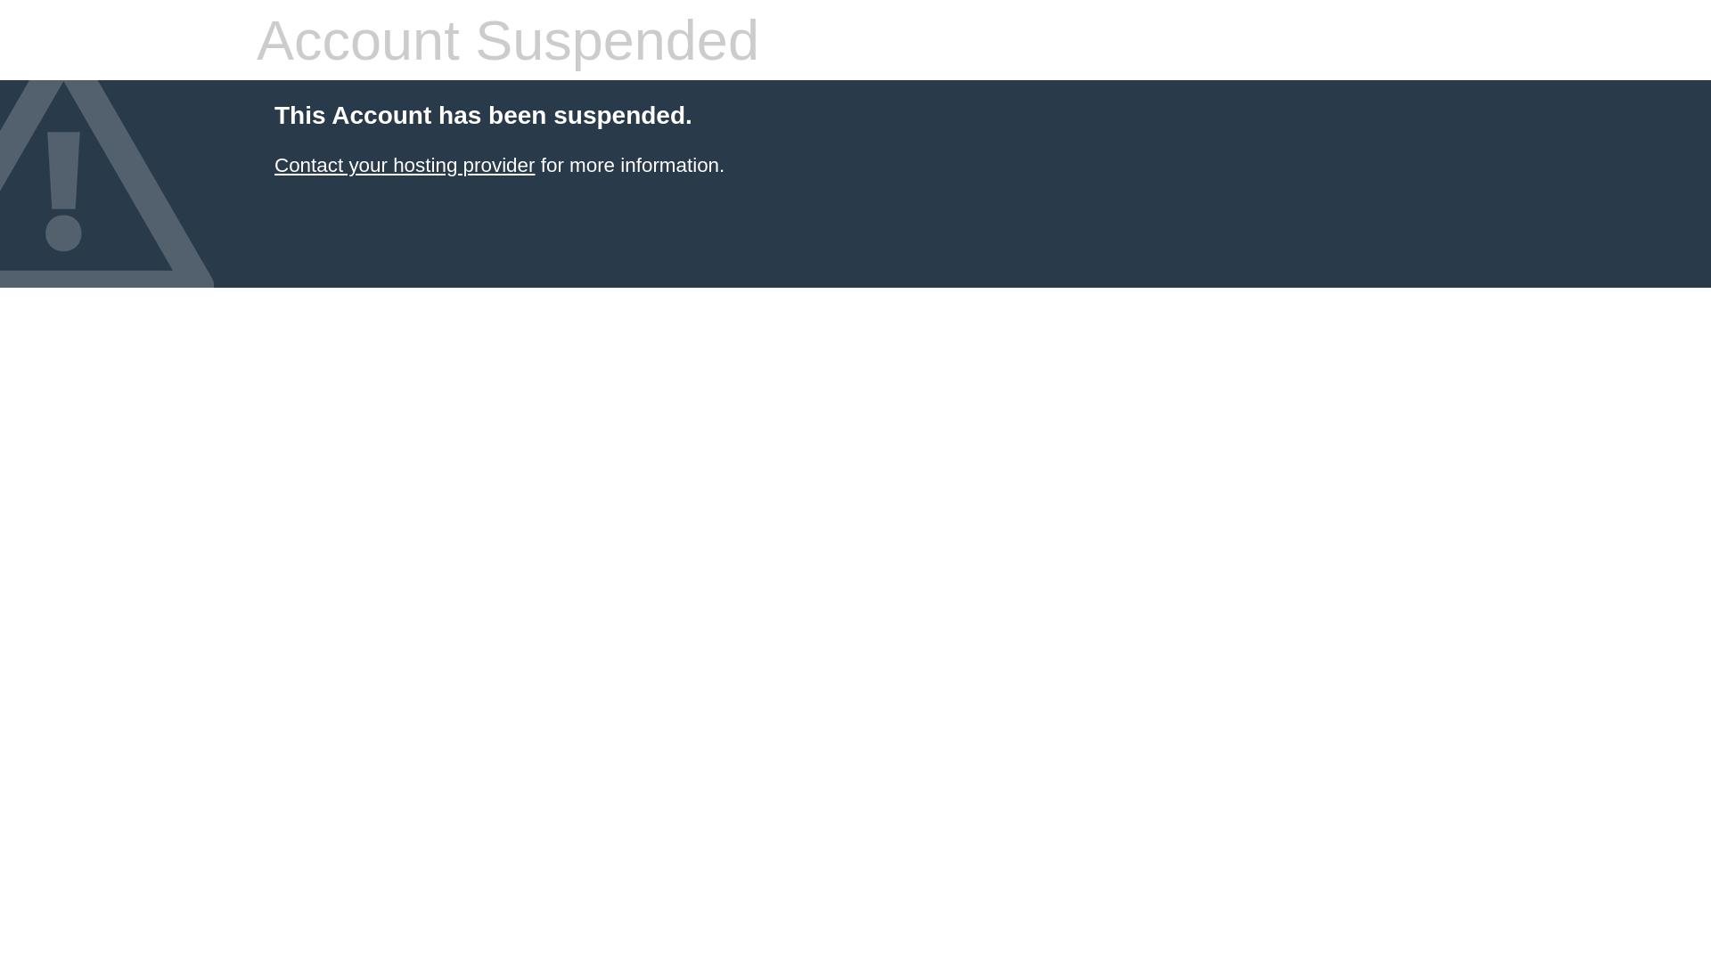 The image size is (1711, 962). Describe the element at coordinates (404, 165) in the screenshot. I see `'Contact your hosting provider'` at that location.